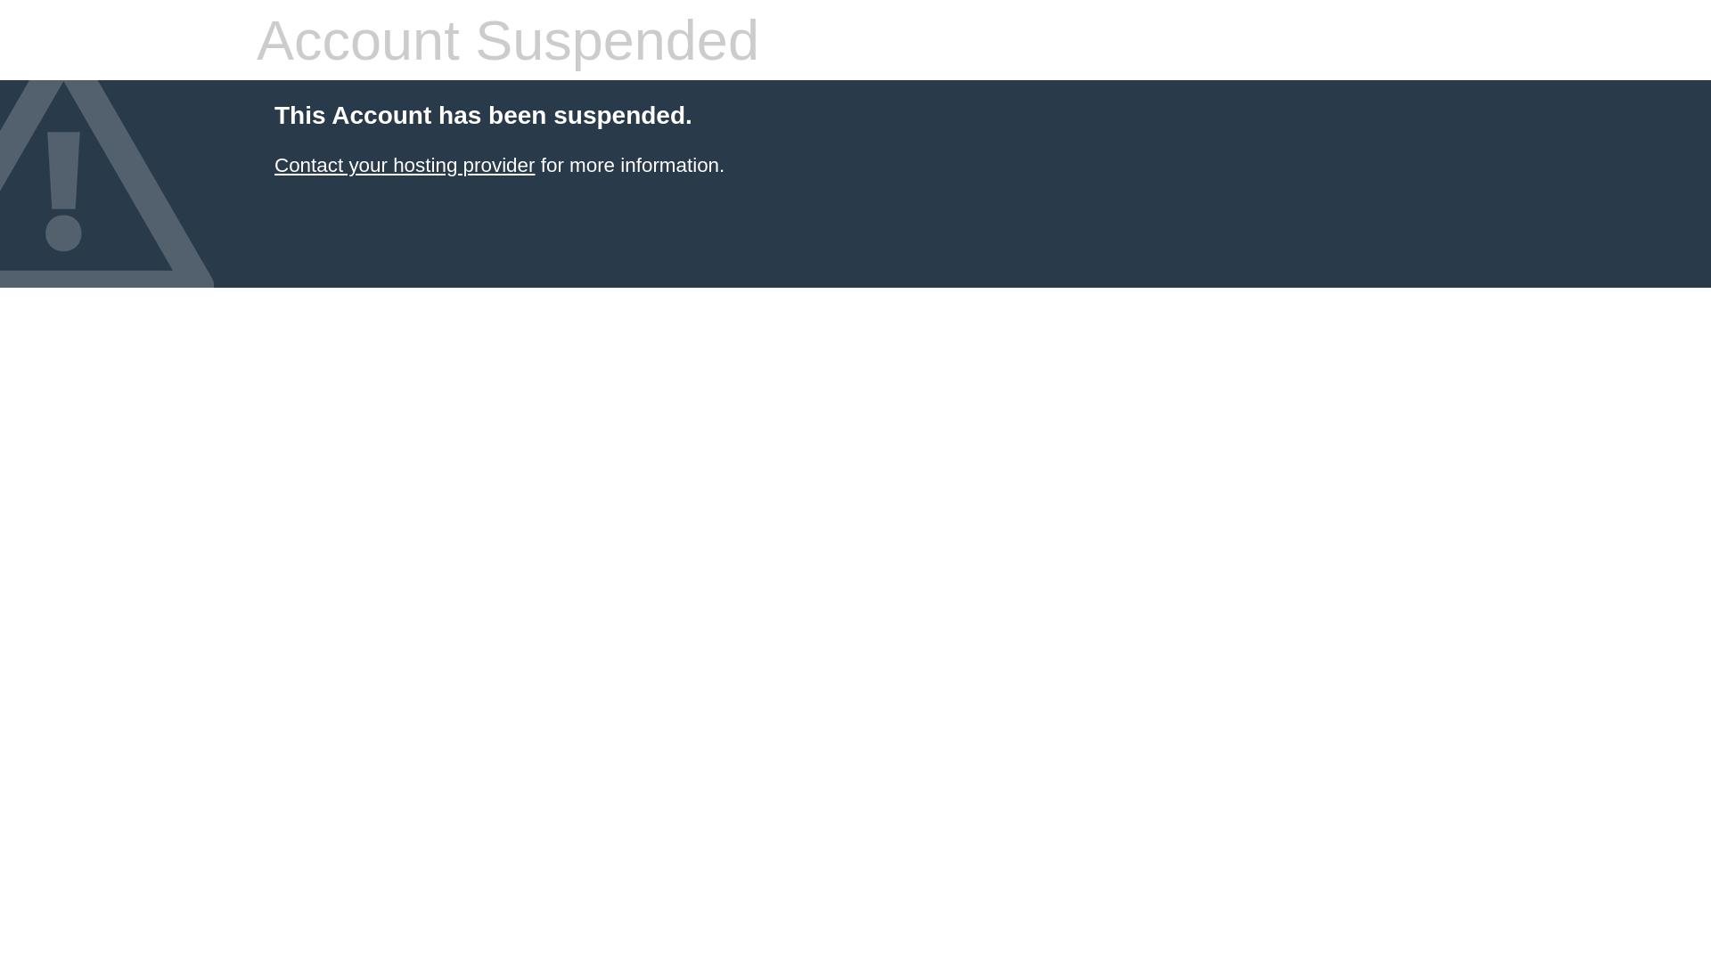 The image size is (1711, 962). Describe the element at coordinates (404, 165) in the screenshot. I see `'Contact your hosting provider'` at that location.